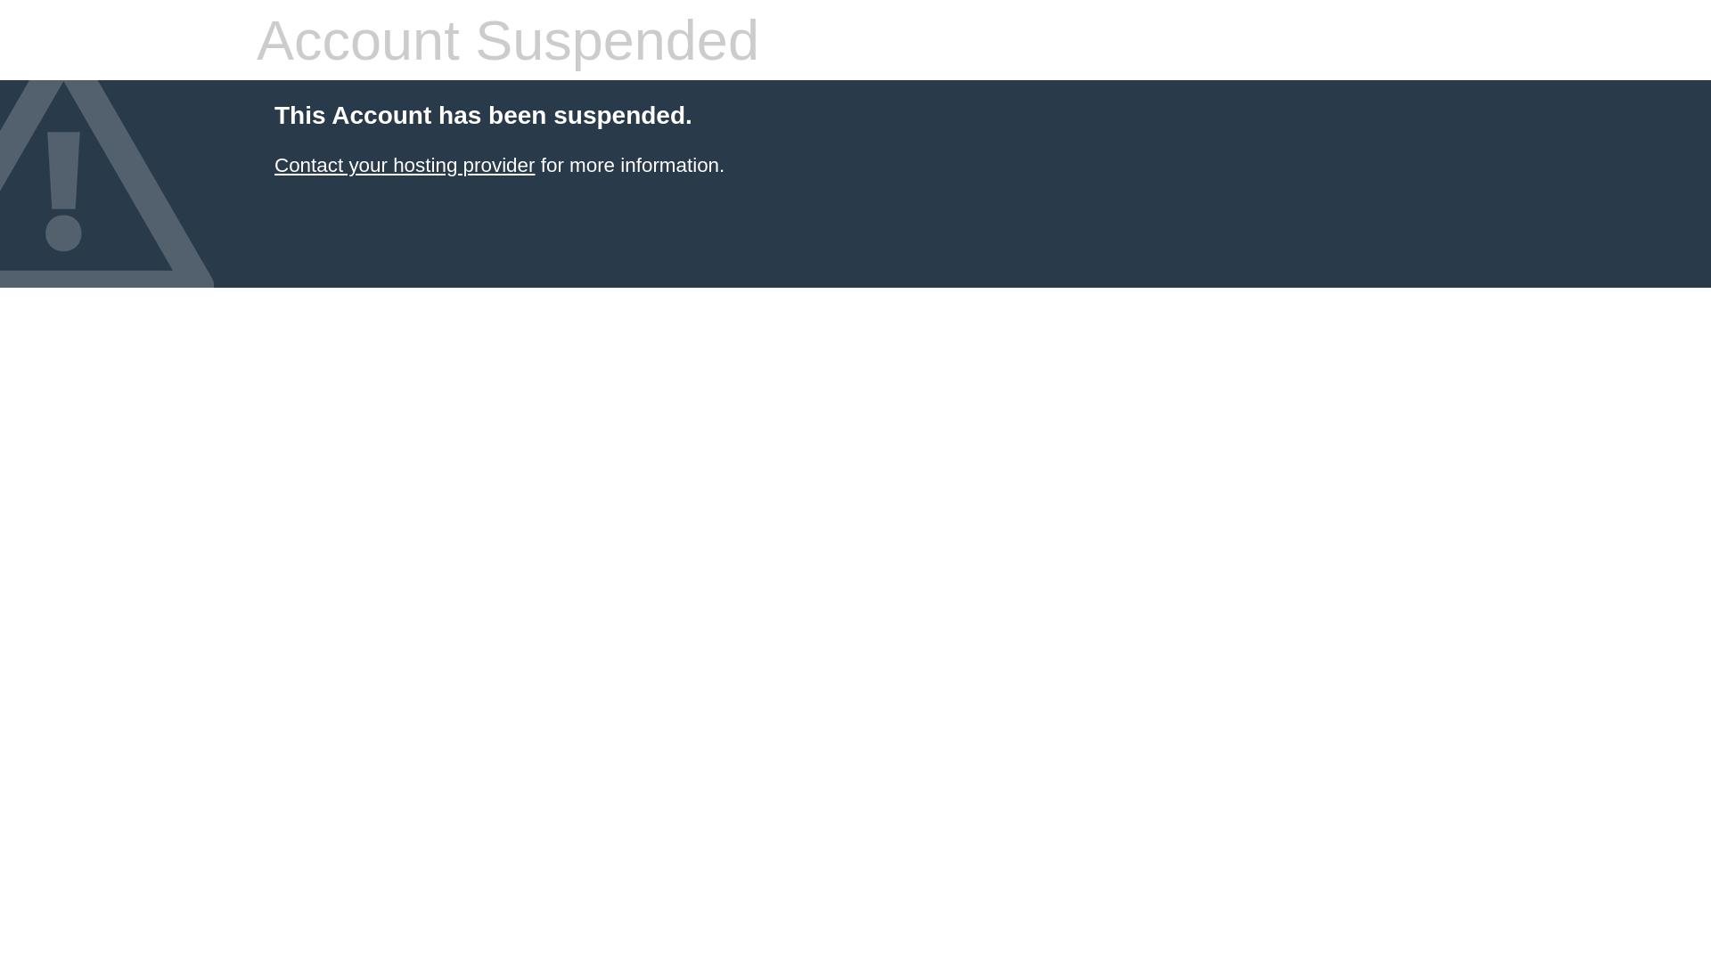 The image size is (1711, 962). Describe the element at coordinates (404, 165) in the screenshot. I see `'Contact your hosting provider'` at that location.